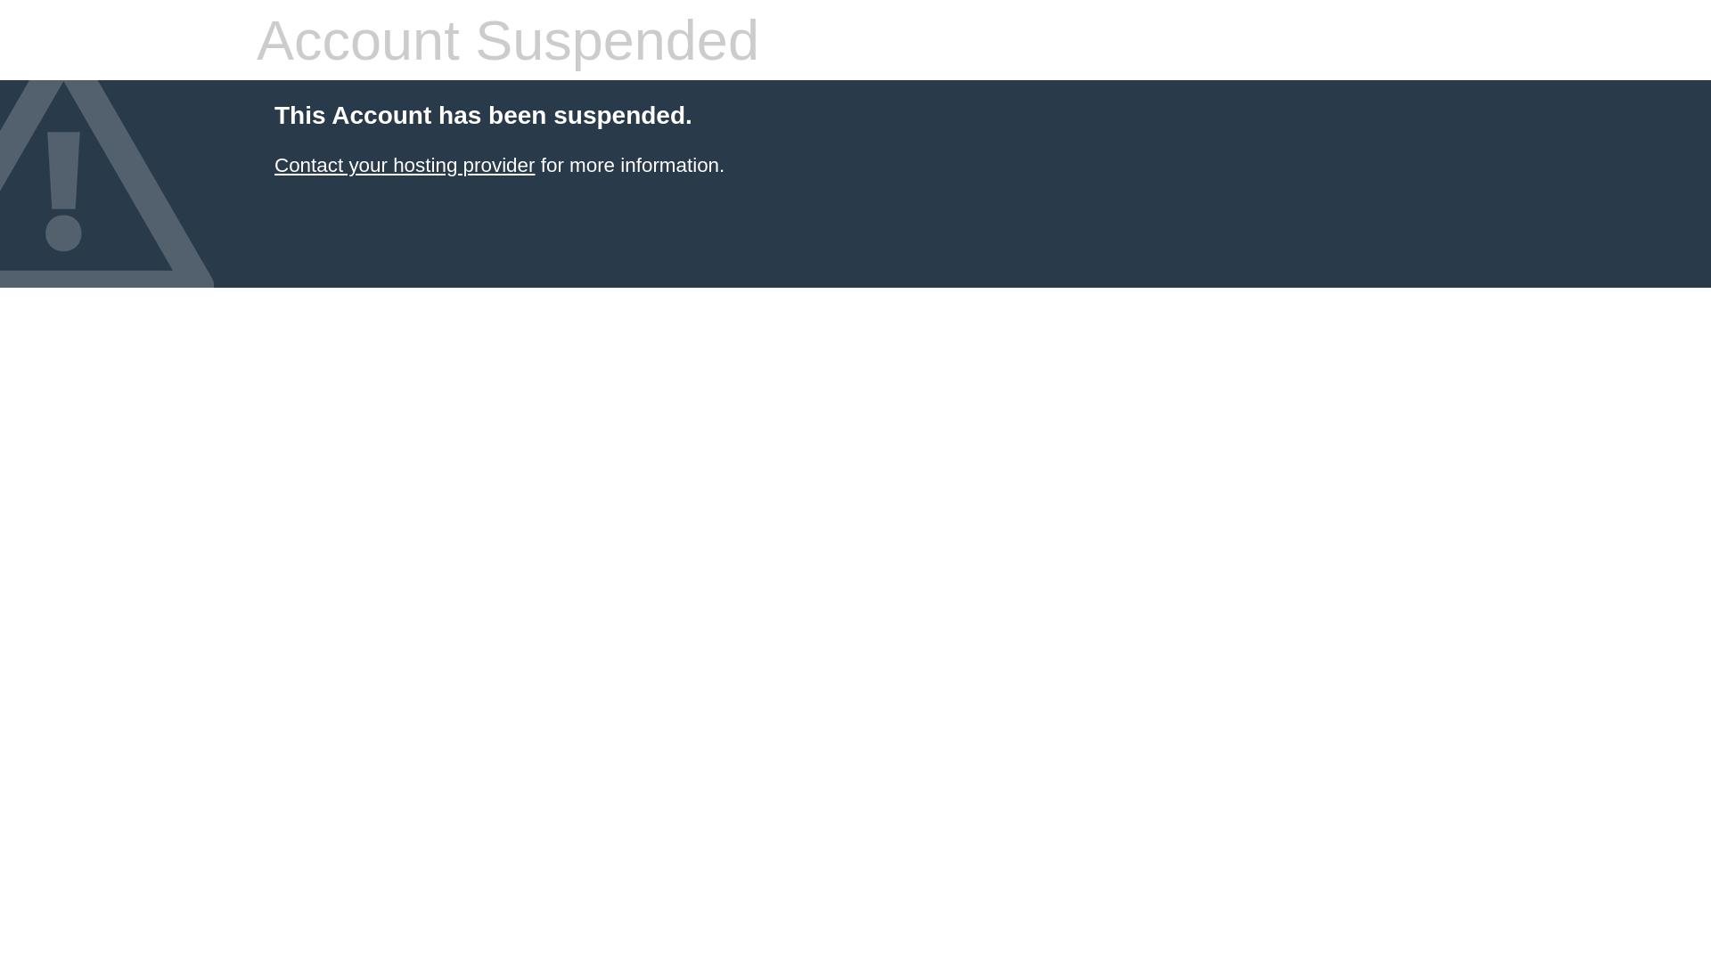 The image size is (1711, 962). Describe the element at coordinates (404, 165) in the screenshot. I see `'Contact your hosting provider'` at that location.